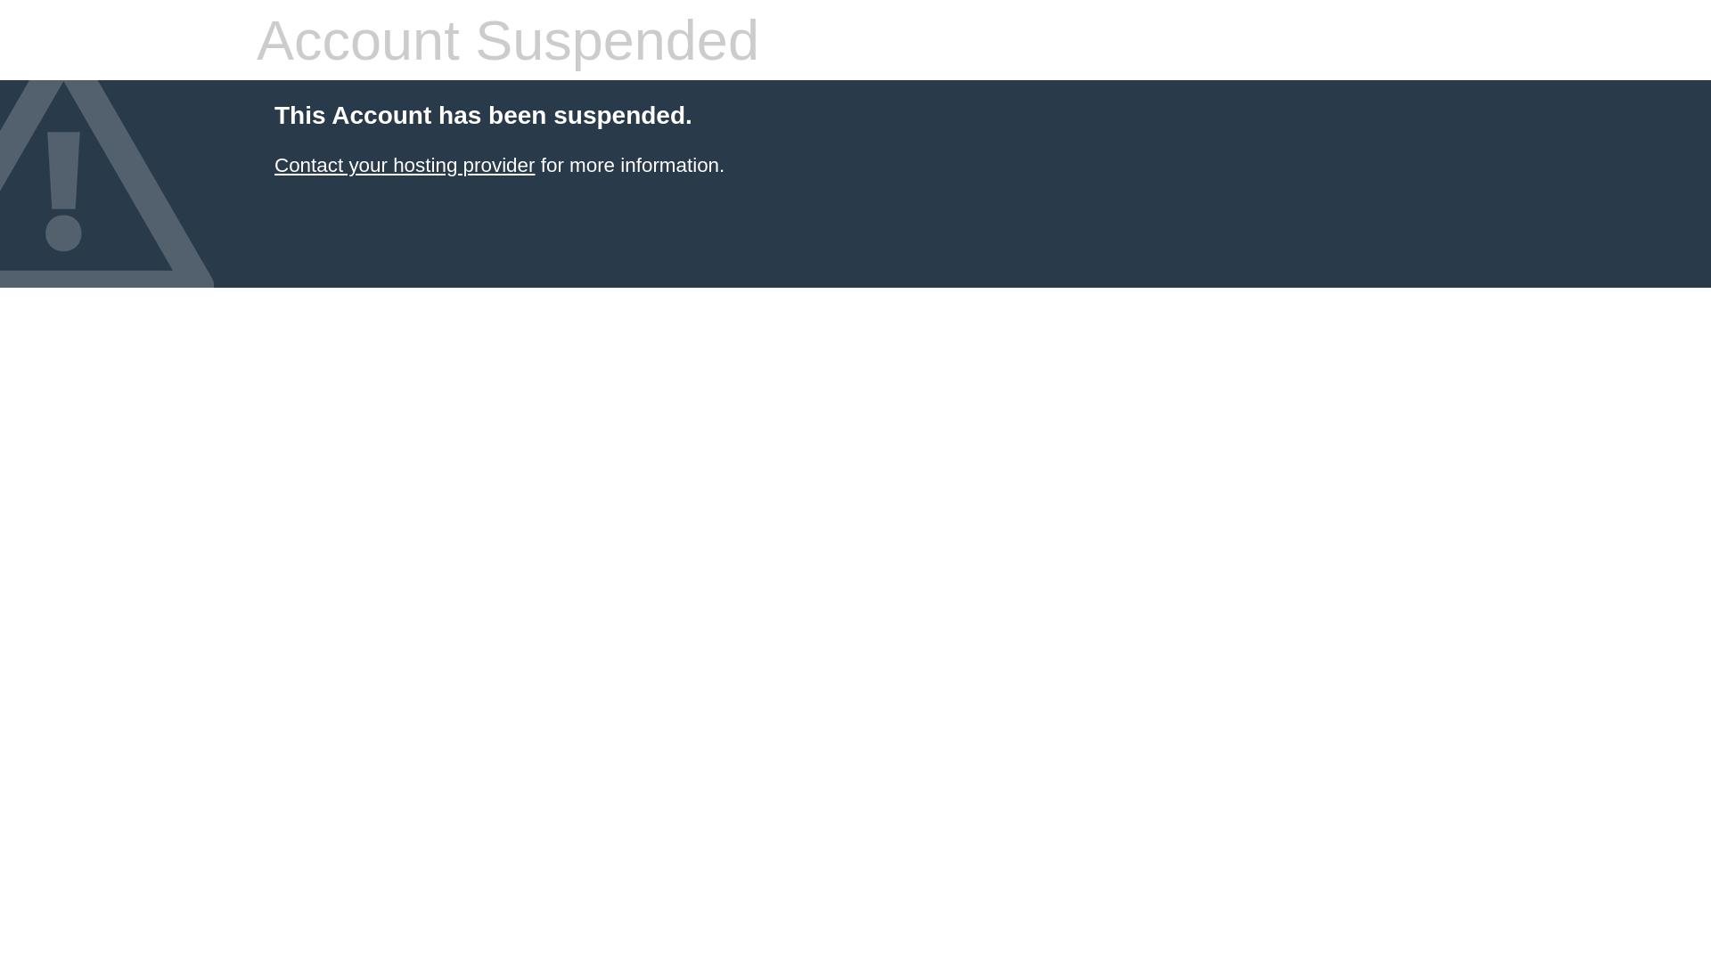 The image size is (1711, 962). Describe the element at coordinates (404, 165) in the screenshot. I see `'Contact your hosting provider'` at that location.